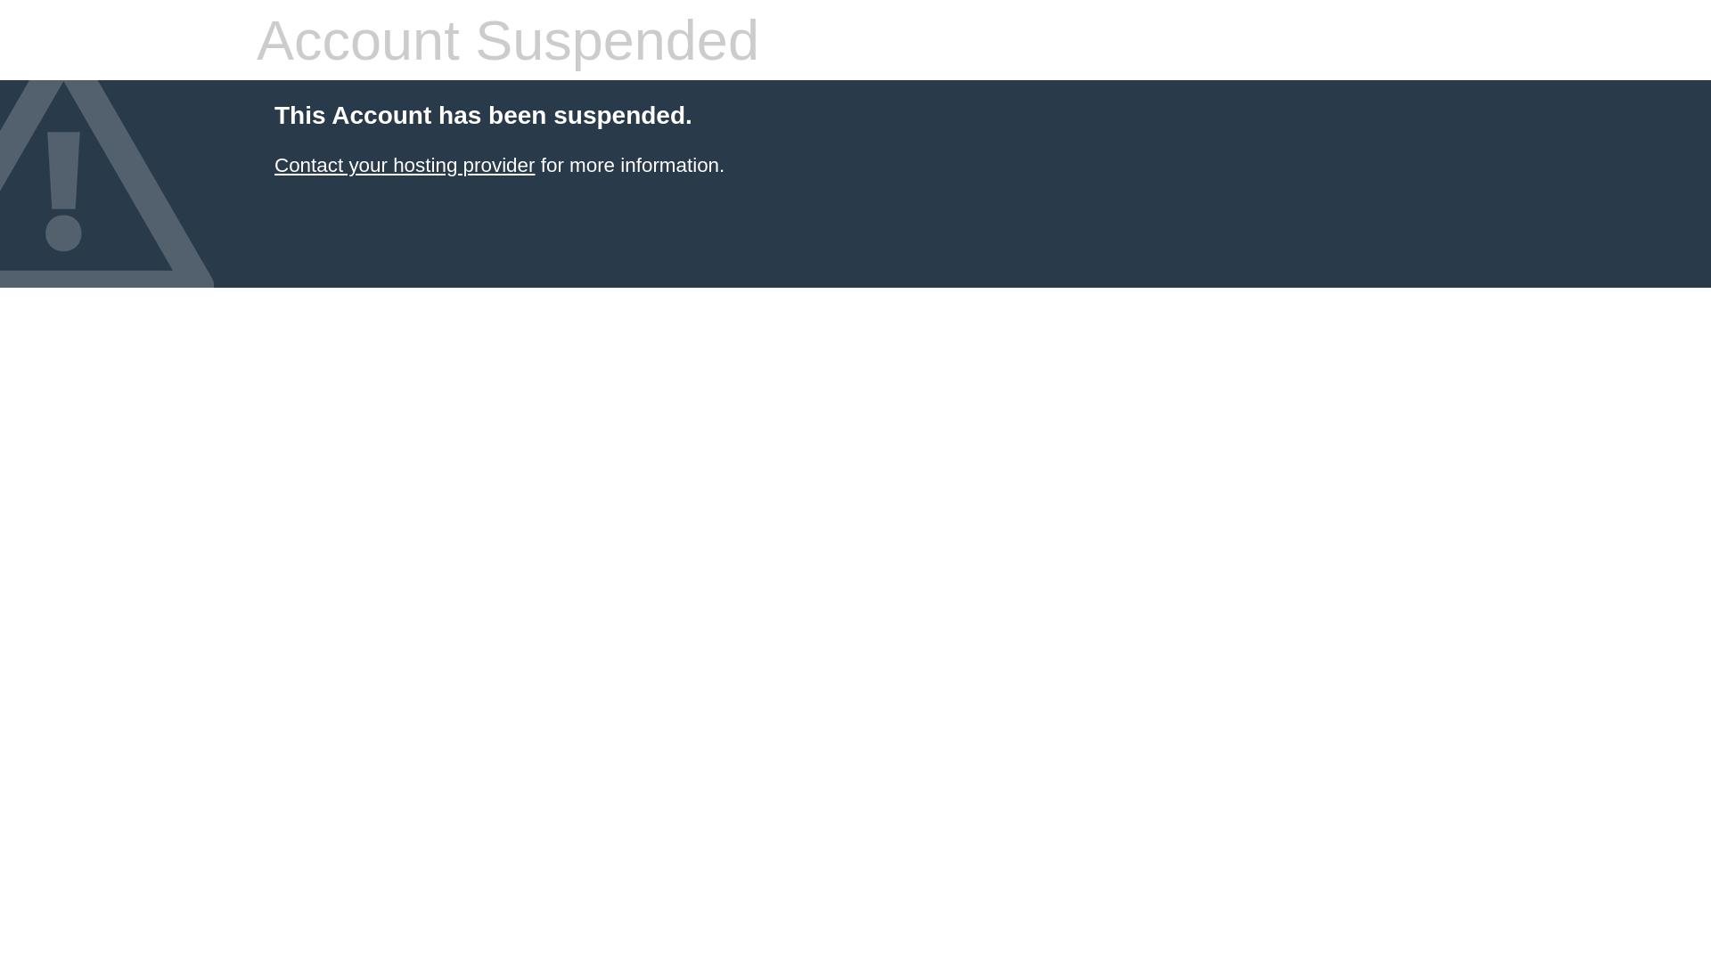 The image size is (1711, 962). Describe the element at coordinates (404, 165) in the screenshot. I see `'Contact your hosting provider'` at that location.